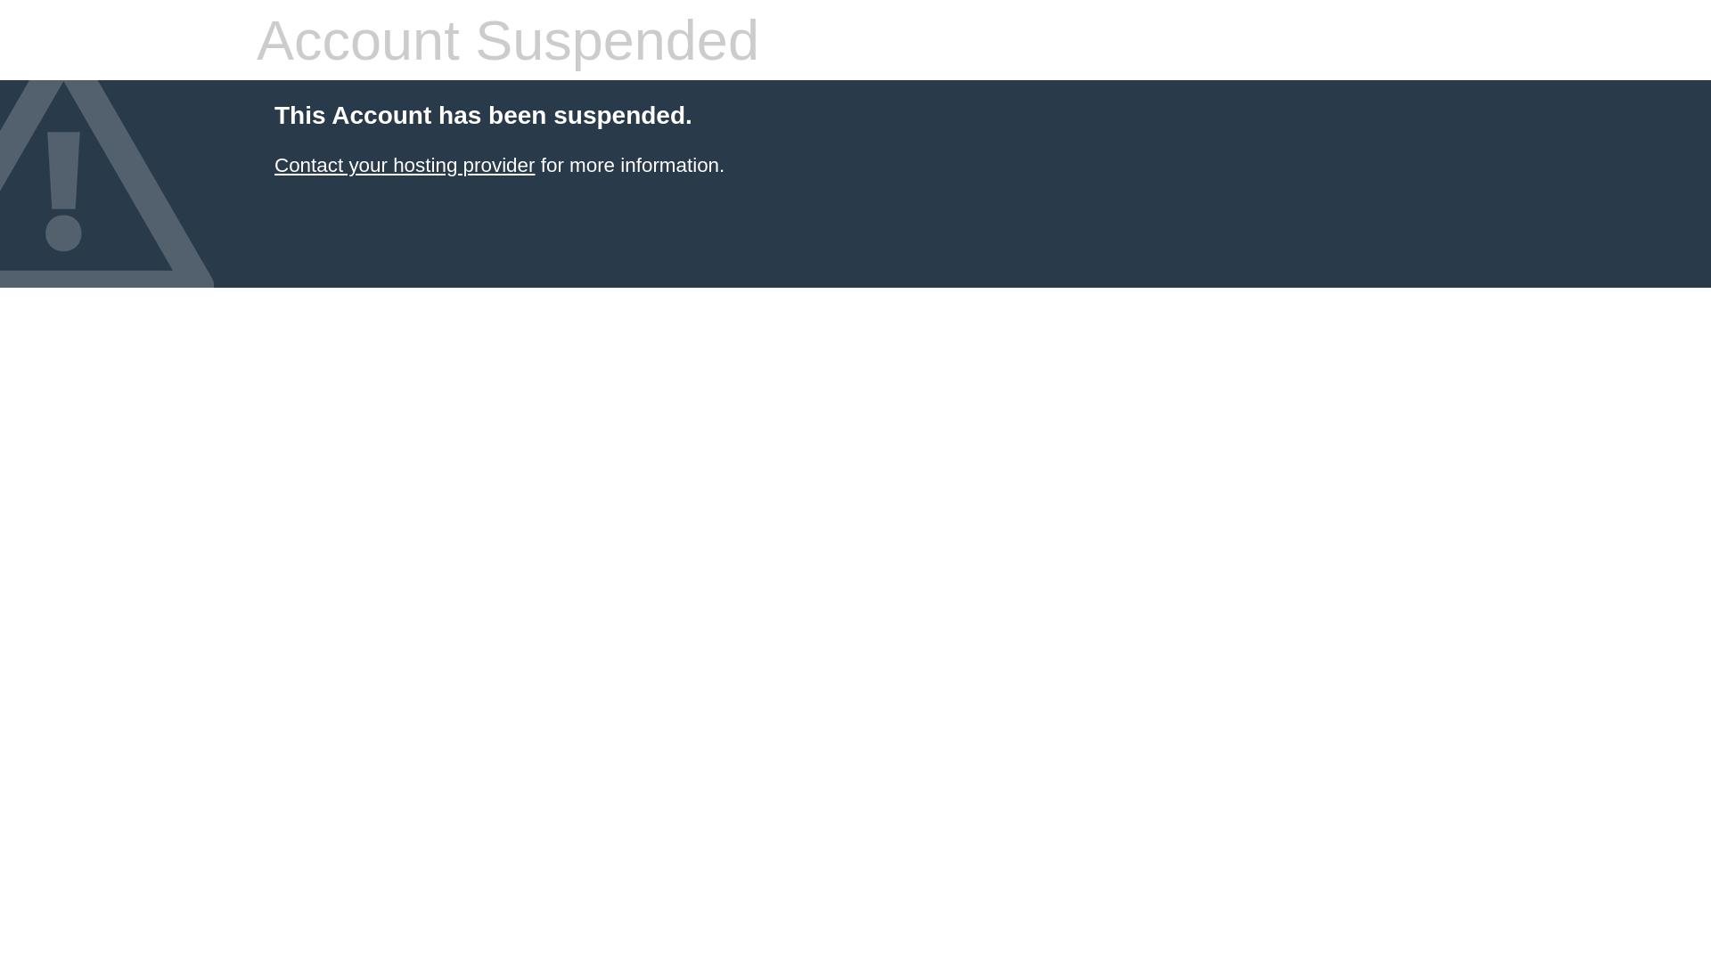 The image size is (1711, 962). Describe the element at coordinates (404, 165) in the screenshot. I see `'Contact your hosting provider'` at that location.